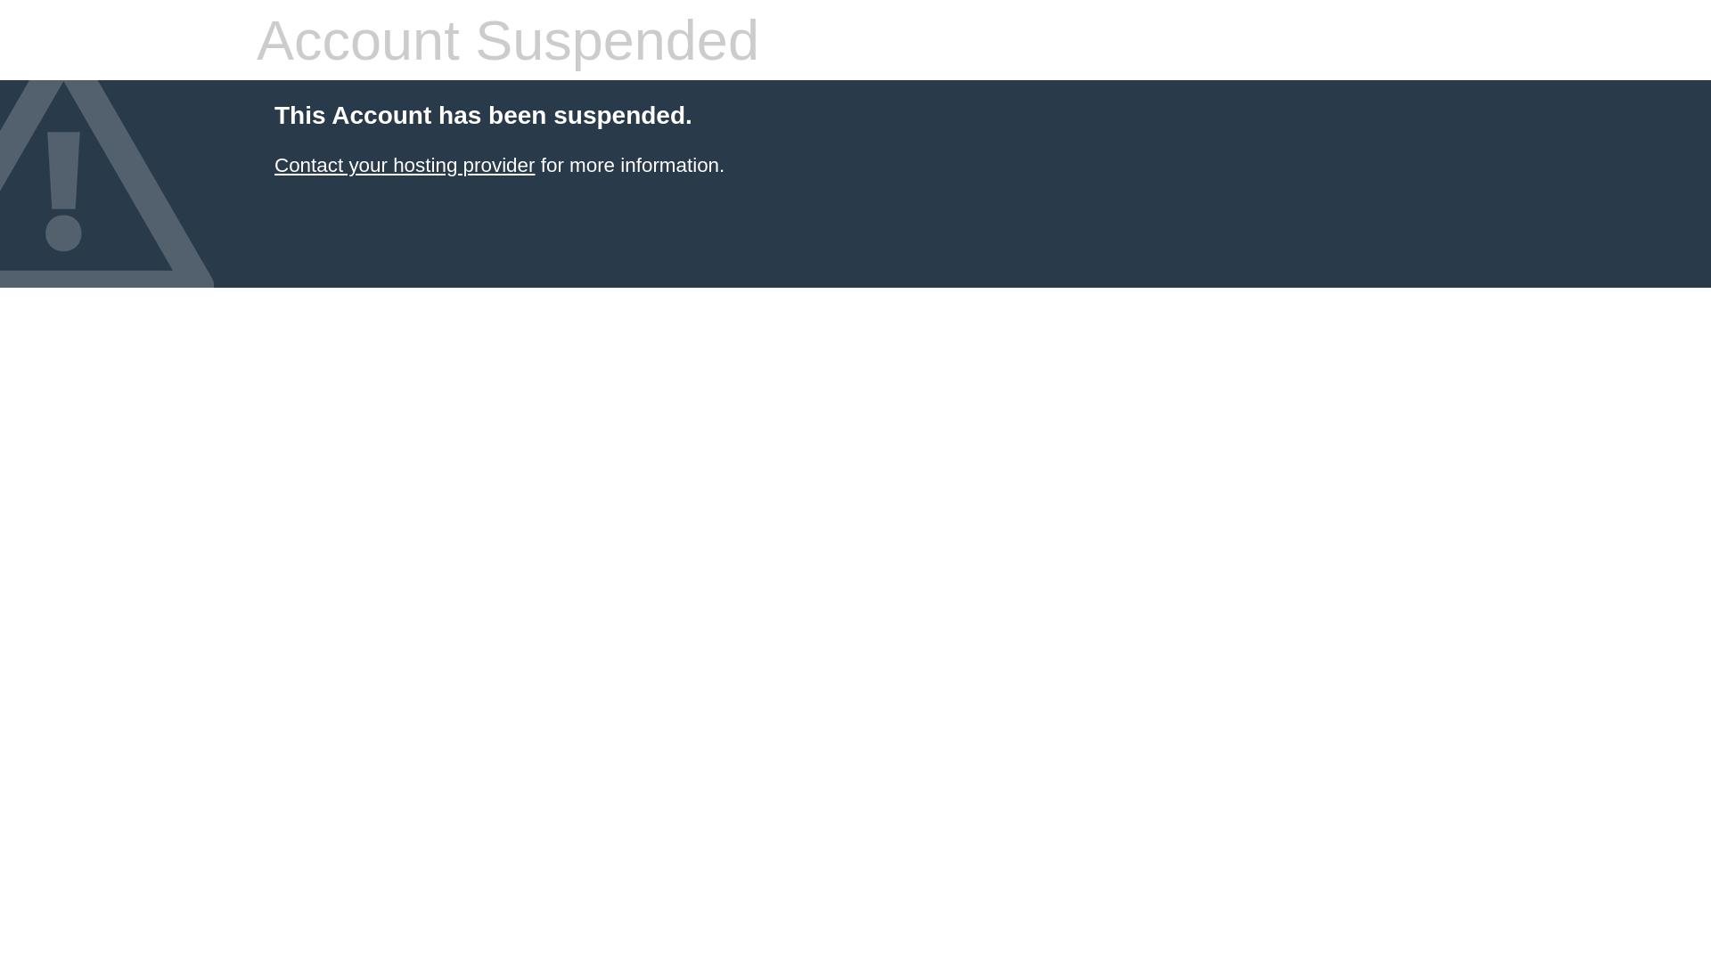 The image size is (1711, 962). Describe the element at coordinates (404, 165) in the screenshot. I see `'Contact your hosting provider'` at that location.